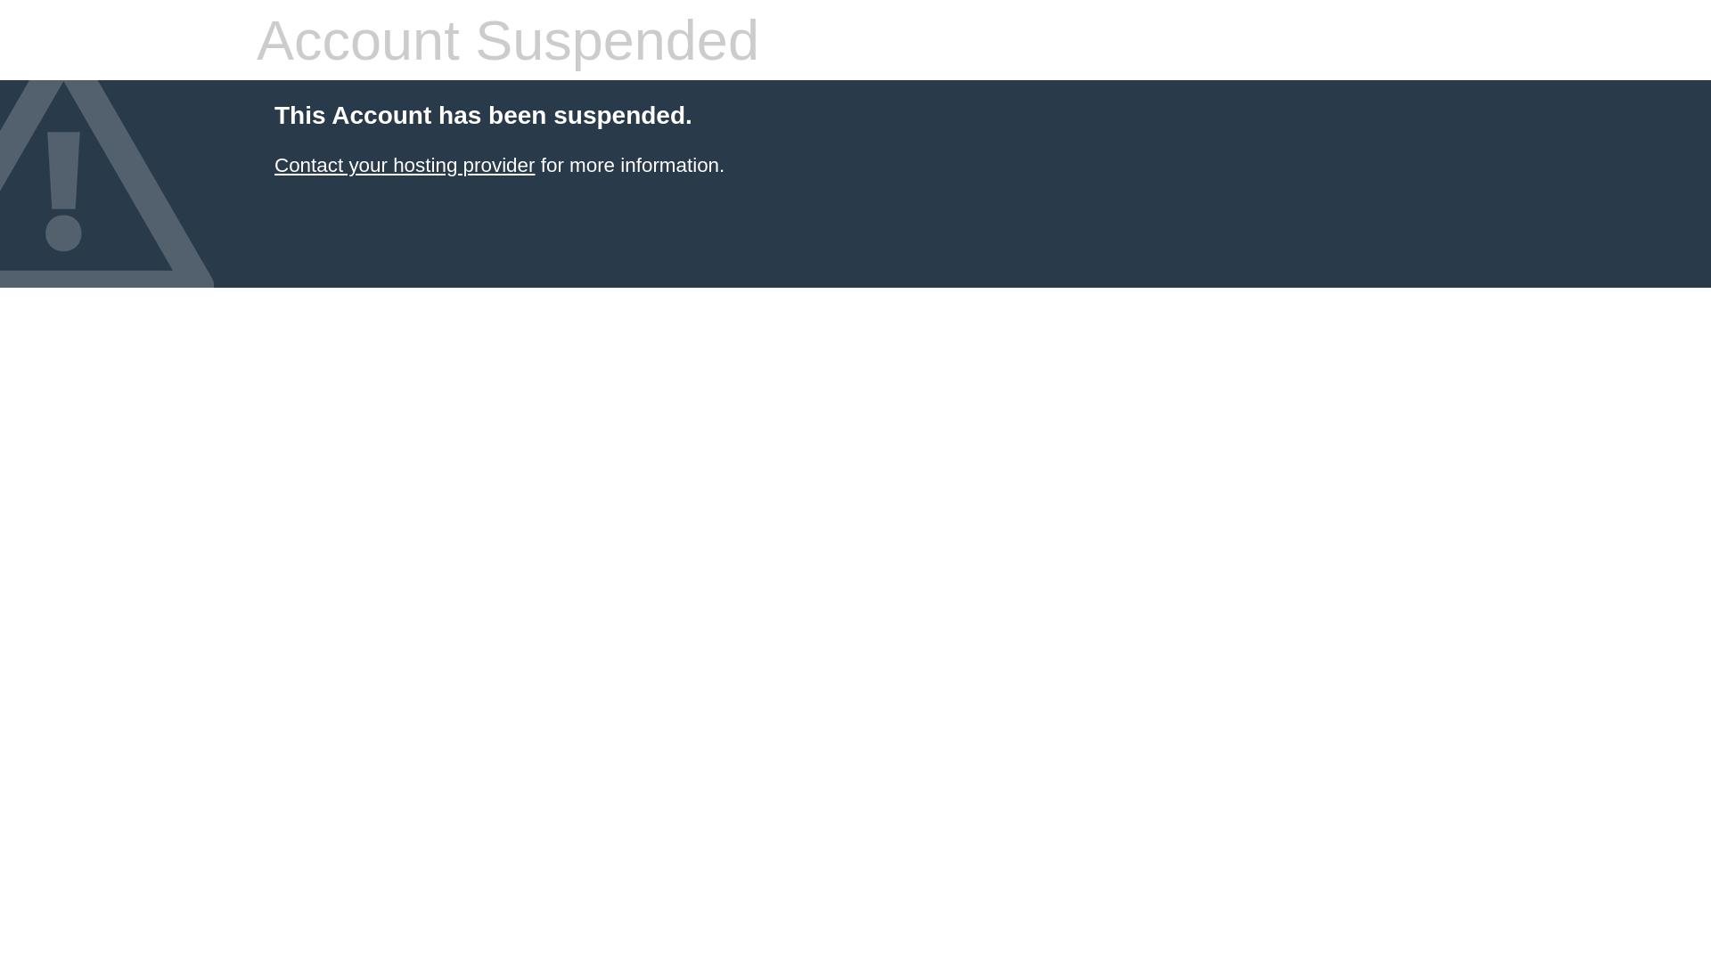 The image size is (1711, 962). Describe the element at coordinates (404, 165) in the screenshot. I see `'Contact your hosting provider'` at that location.